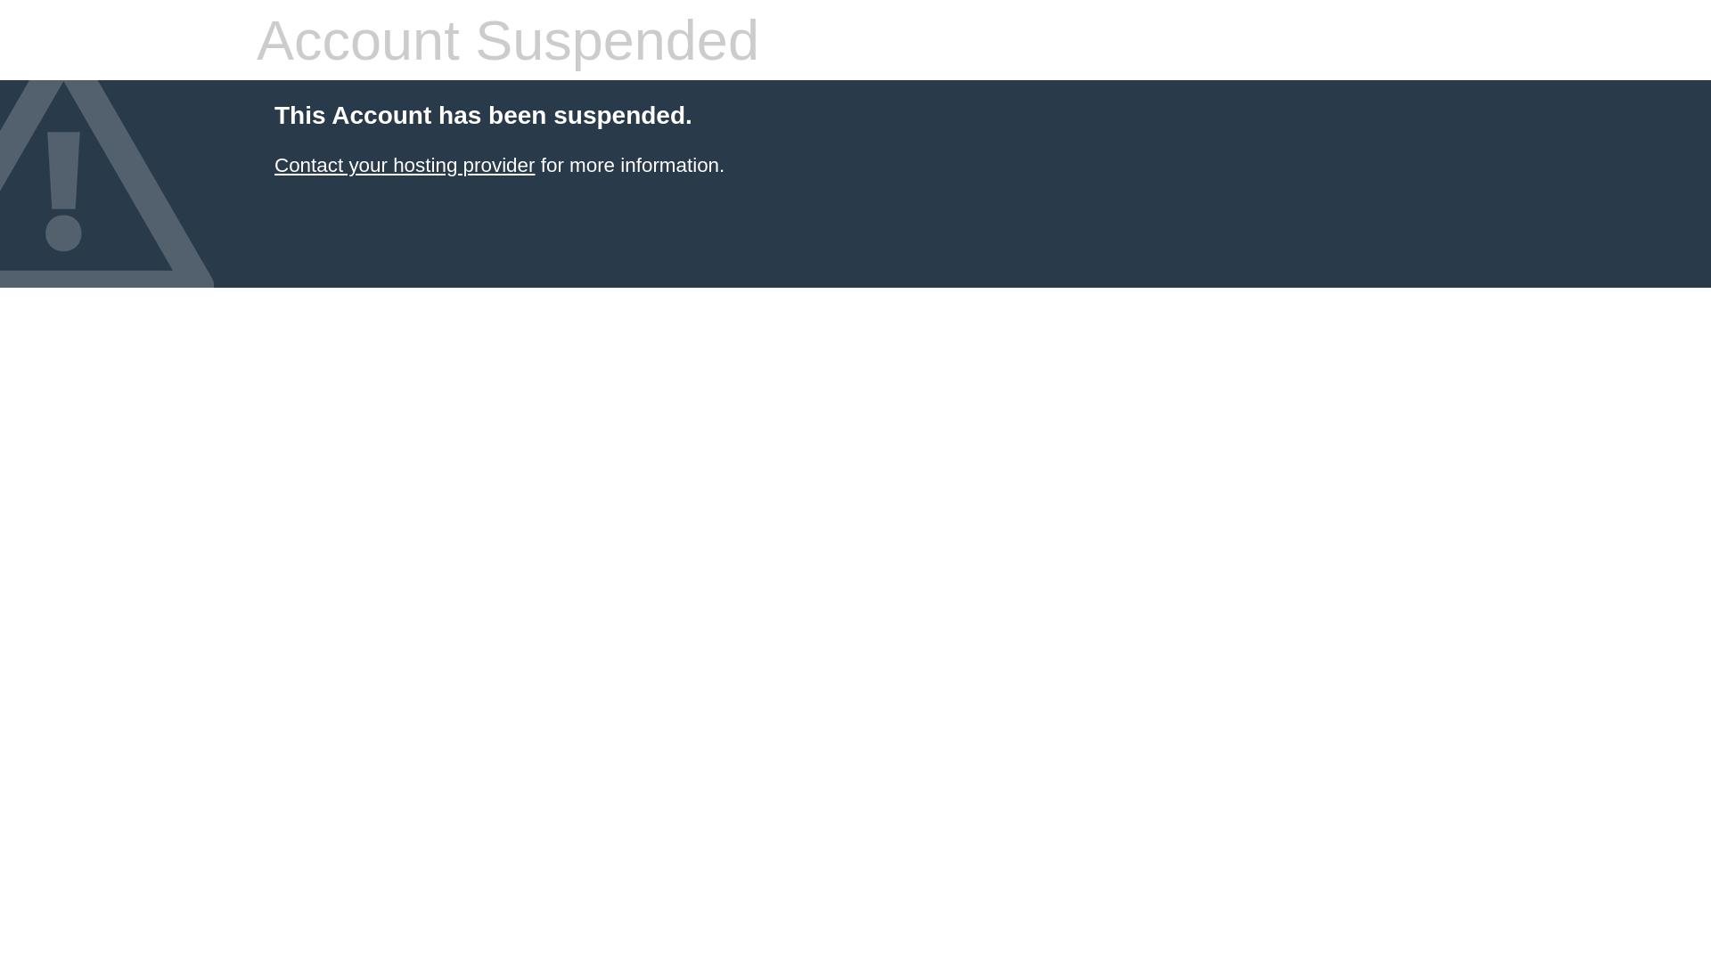 The image size is (1711, 962). Describe the element at coordinates (404, 165) in the screenshot. I see `'Contact your hosting provider'` at that location.